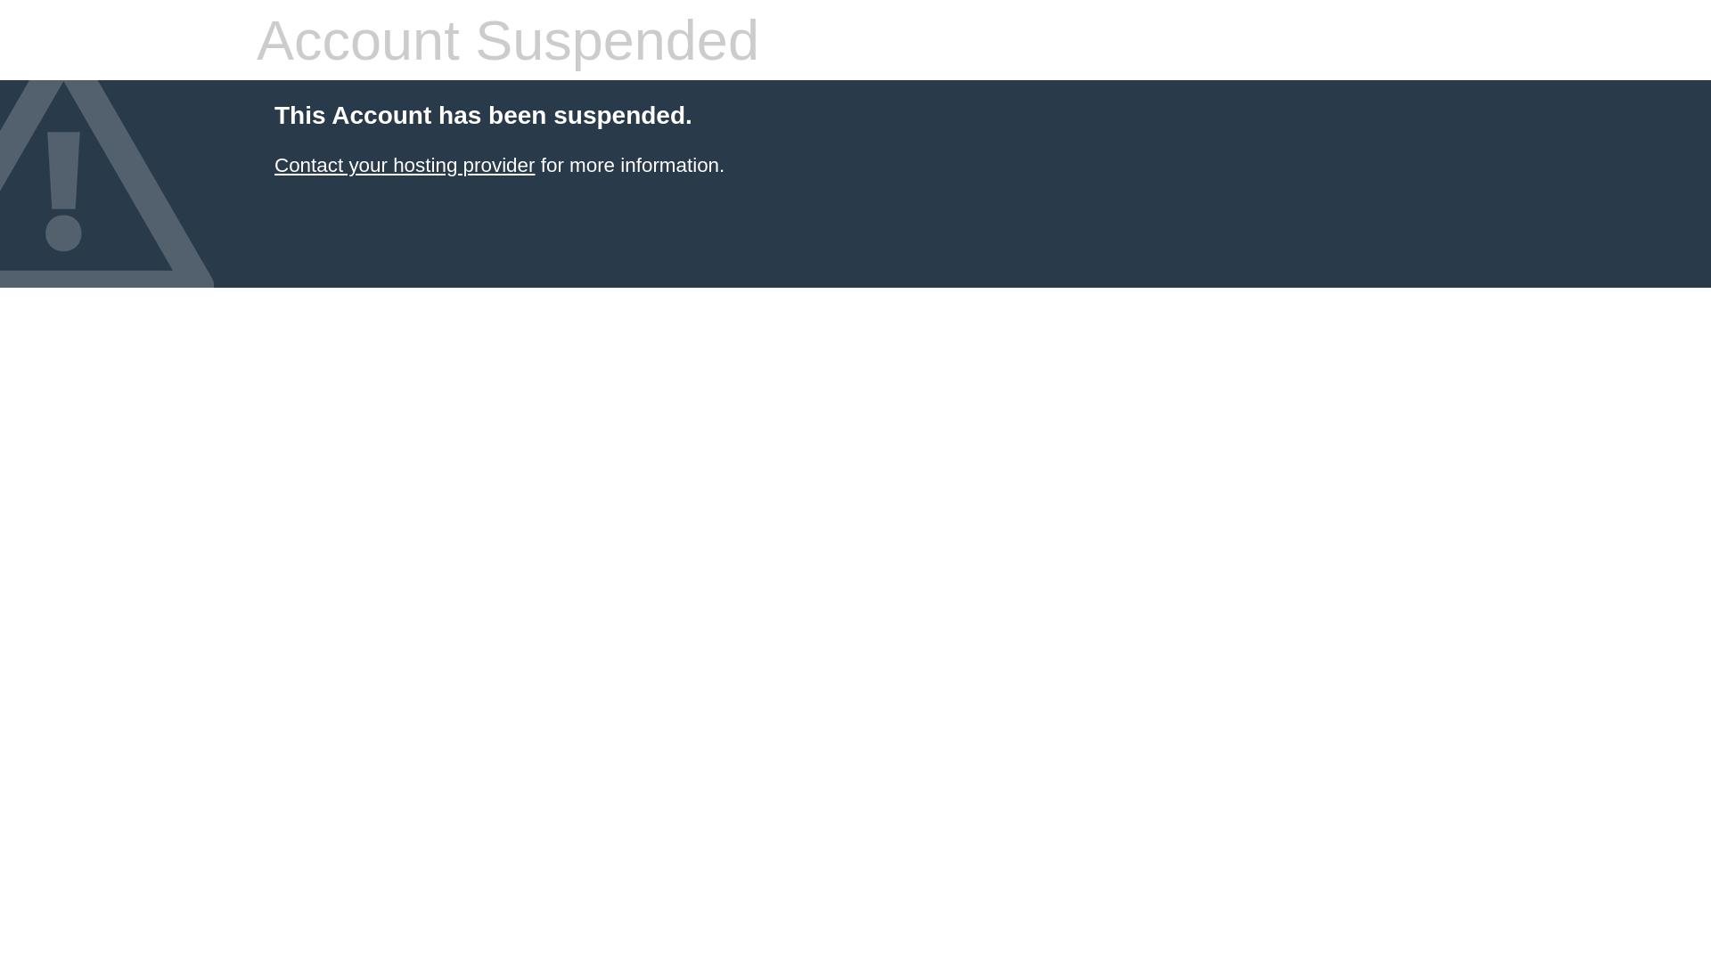 The image size is (1711, 962). Describe the element at coordinates (404, 165) in the screenshot. I see `'Contact your hosting provider'` at that location.